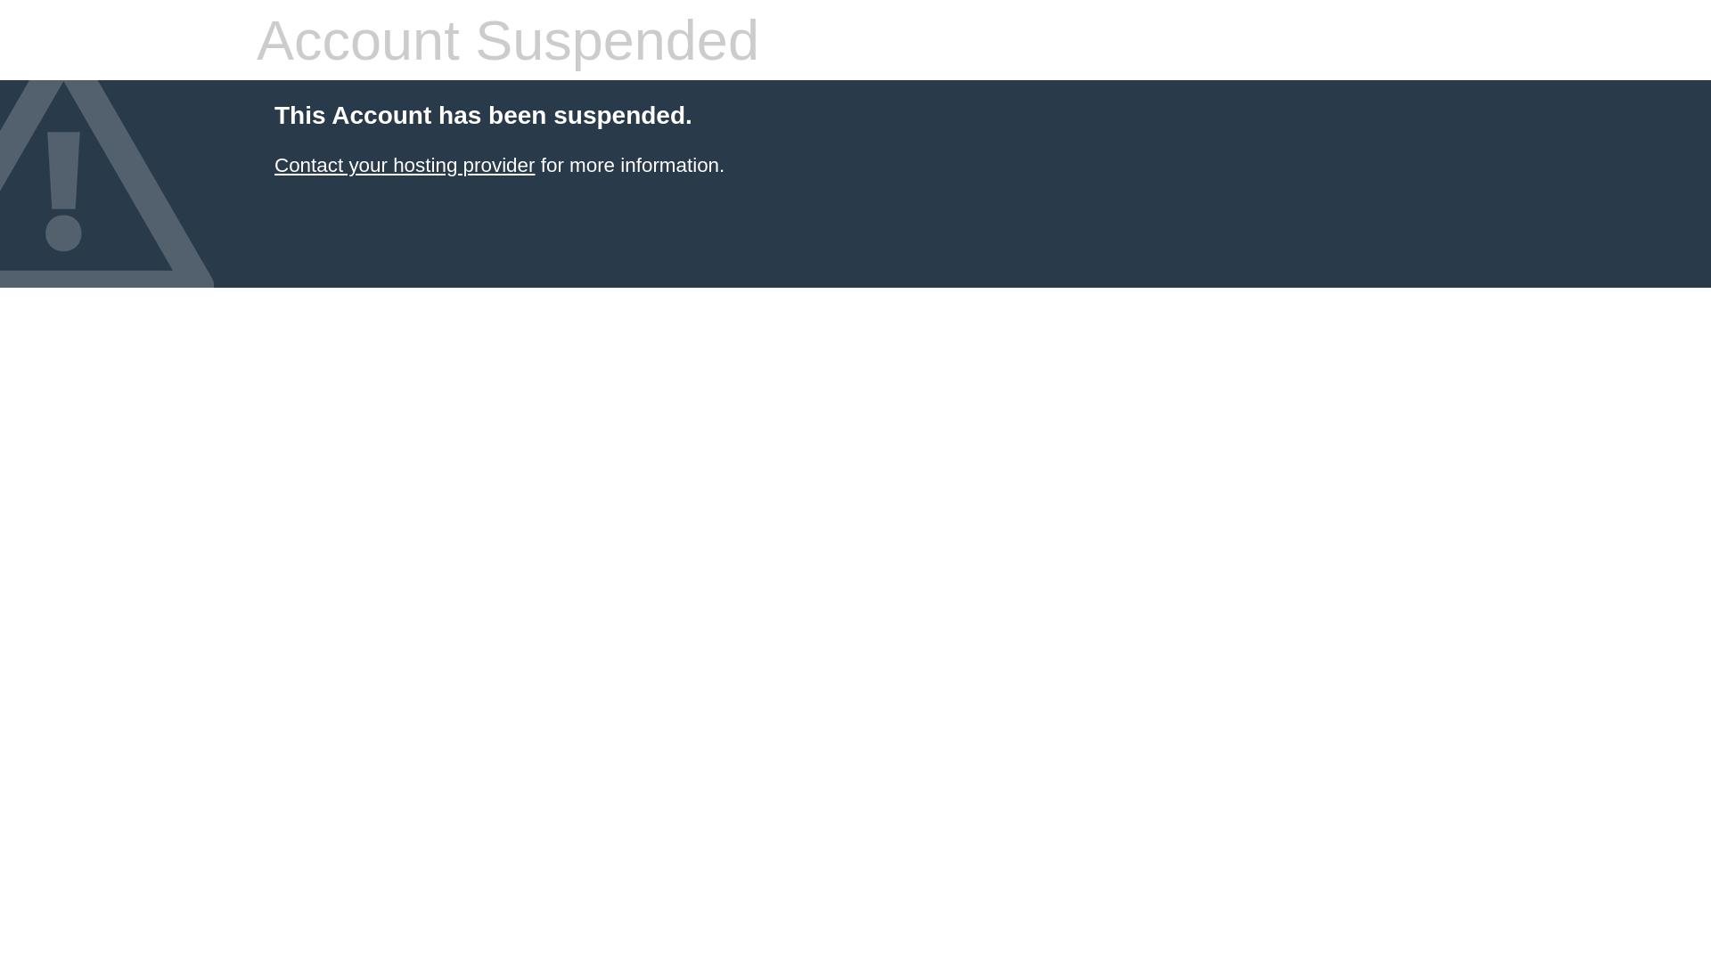 The image size is (1711, 962). Describe the element at coordinates (404, 165) in the screenshot. I see `'Contact your hosting provider'` at that location.